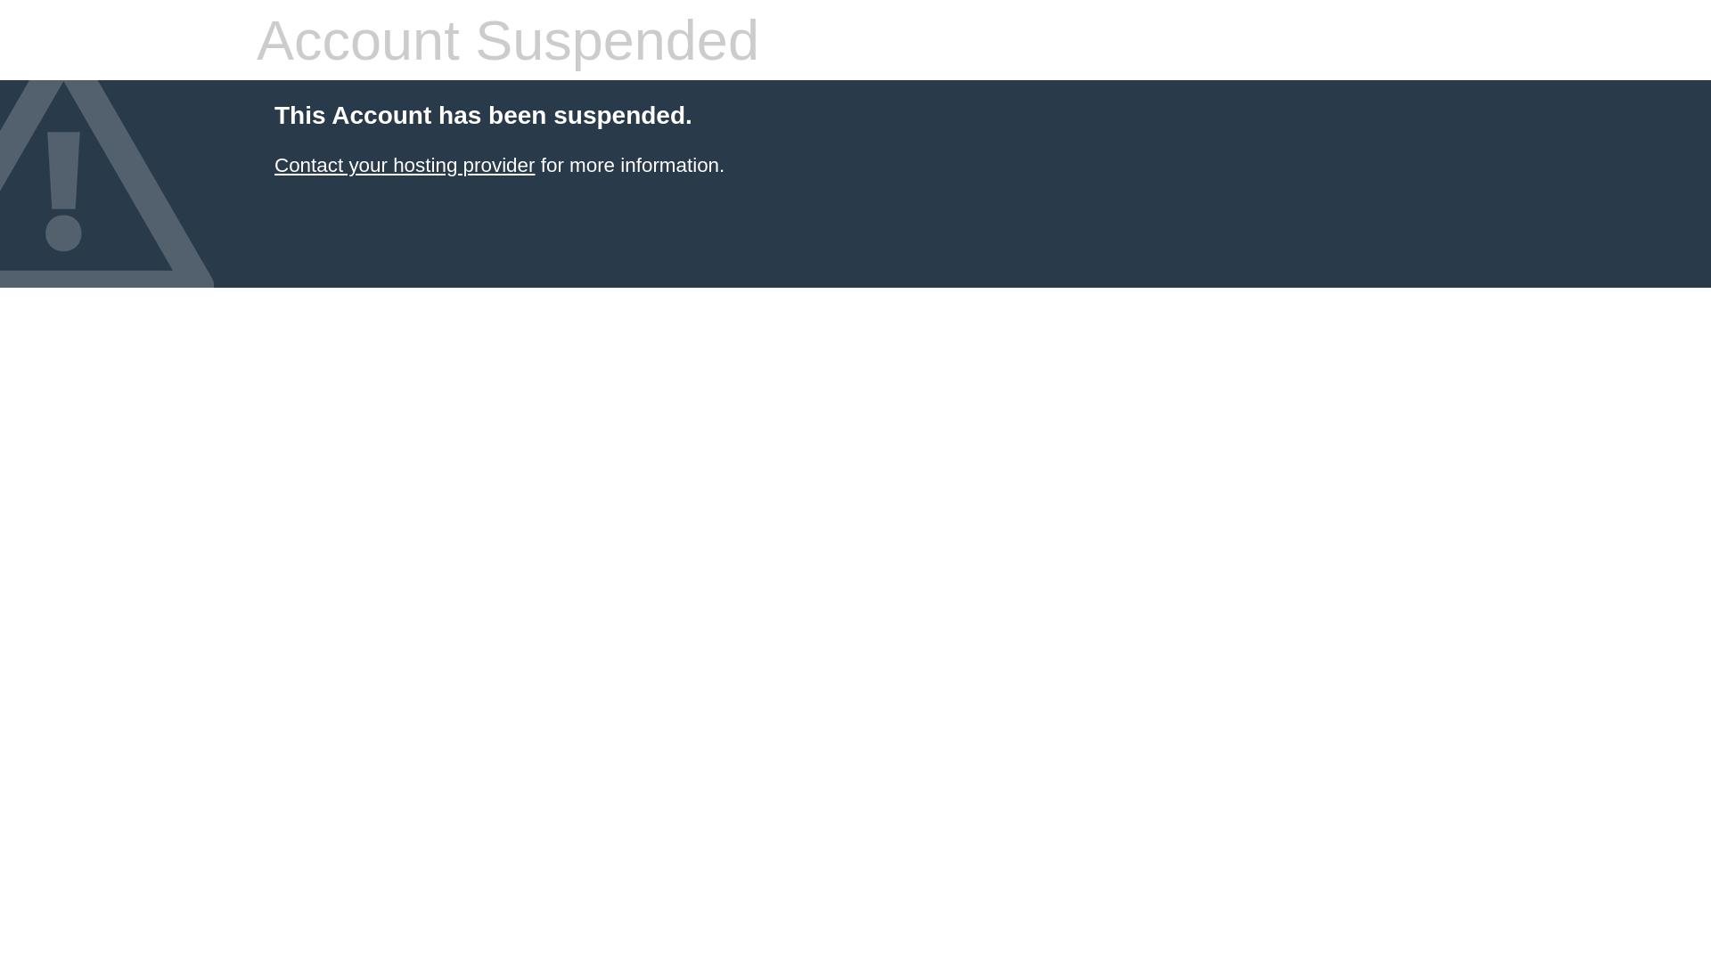 The image size is (1711, 962). Describe the element at coordinates (404, 165) in the screenshot. I see `'Contact your hosting provider'` at that location.